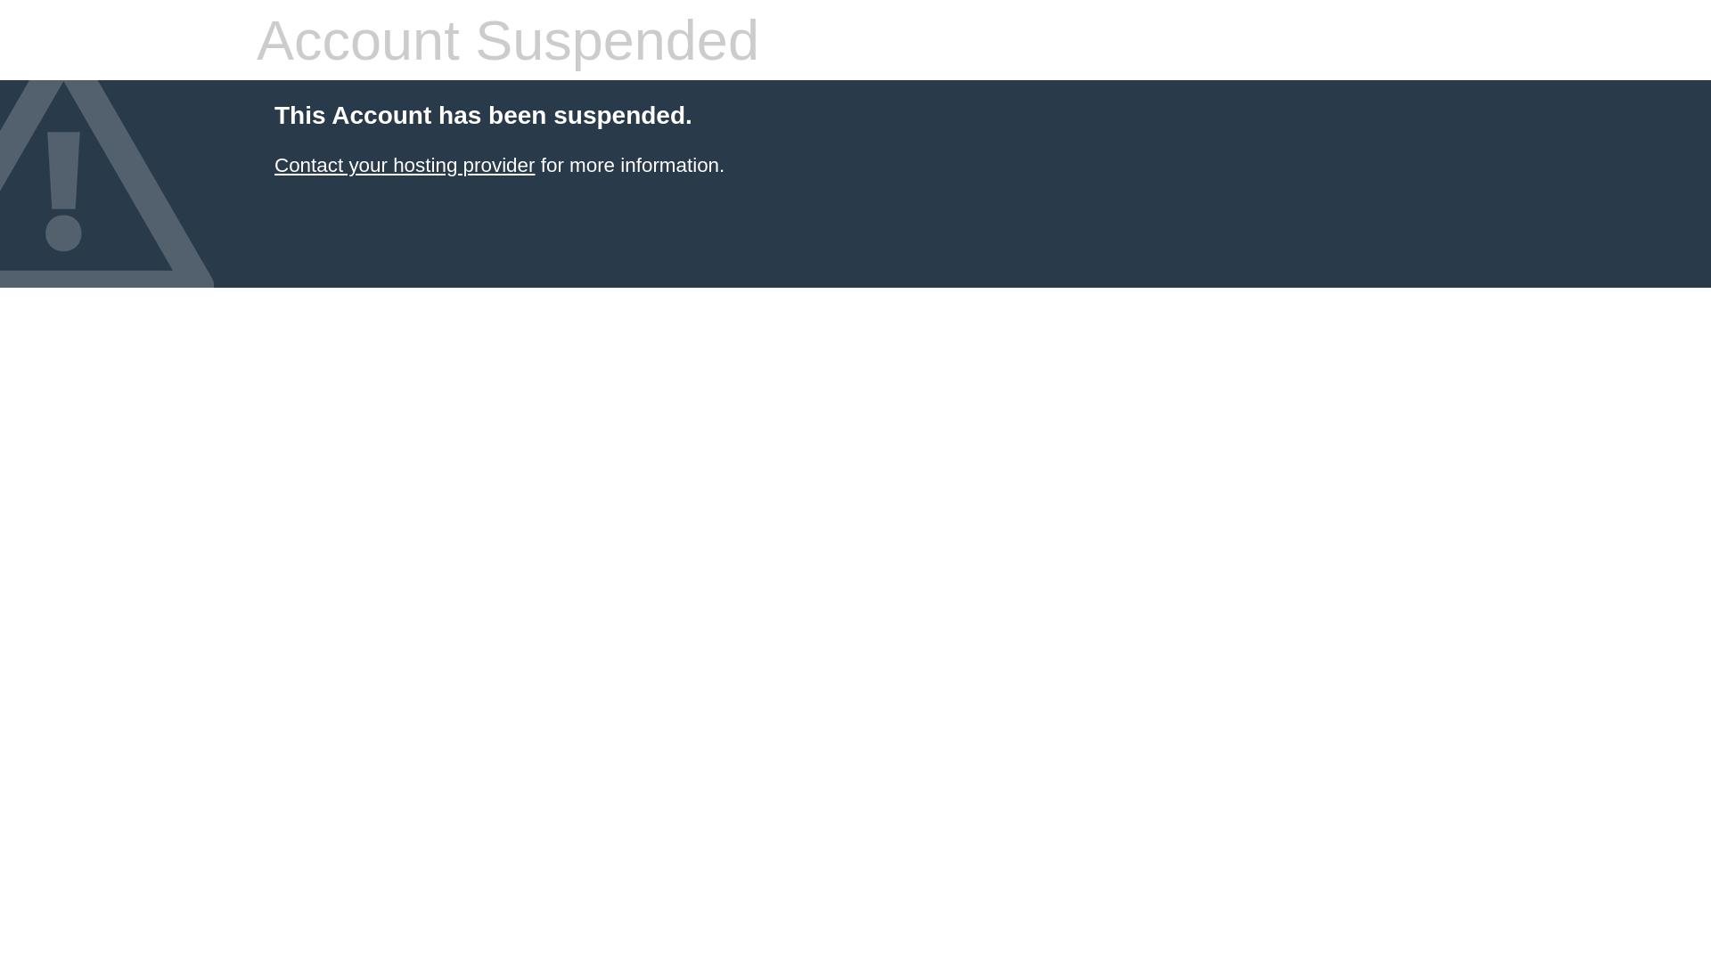 The image size is (1711, 962). Describe the element at coordinates (404, 165) in the screenshot. I see `'Contact your hosting provider'` at that location.